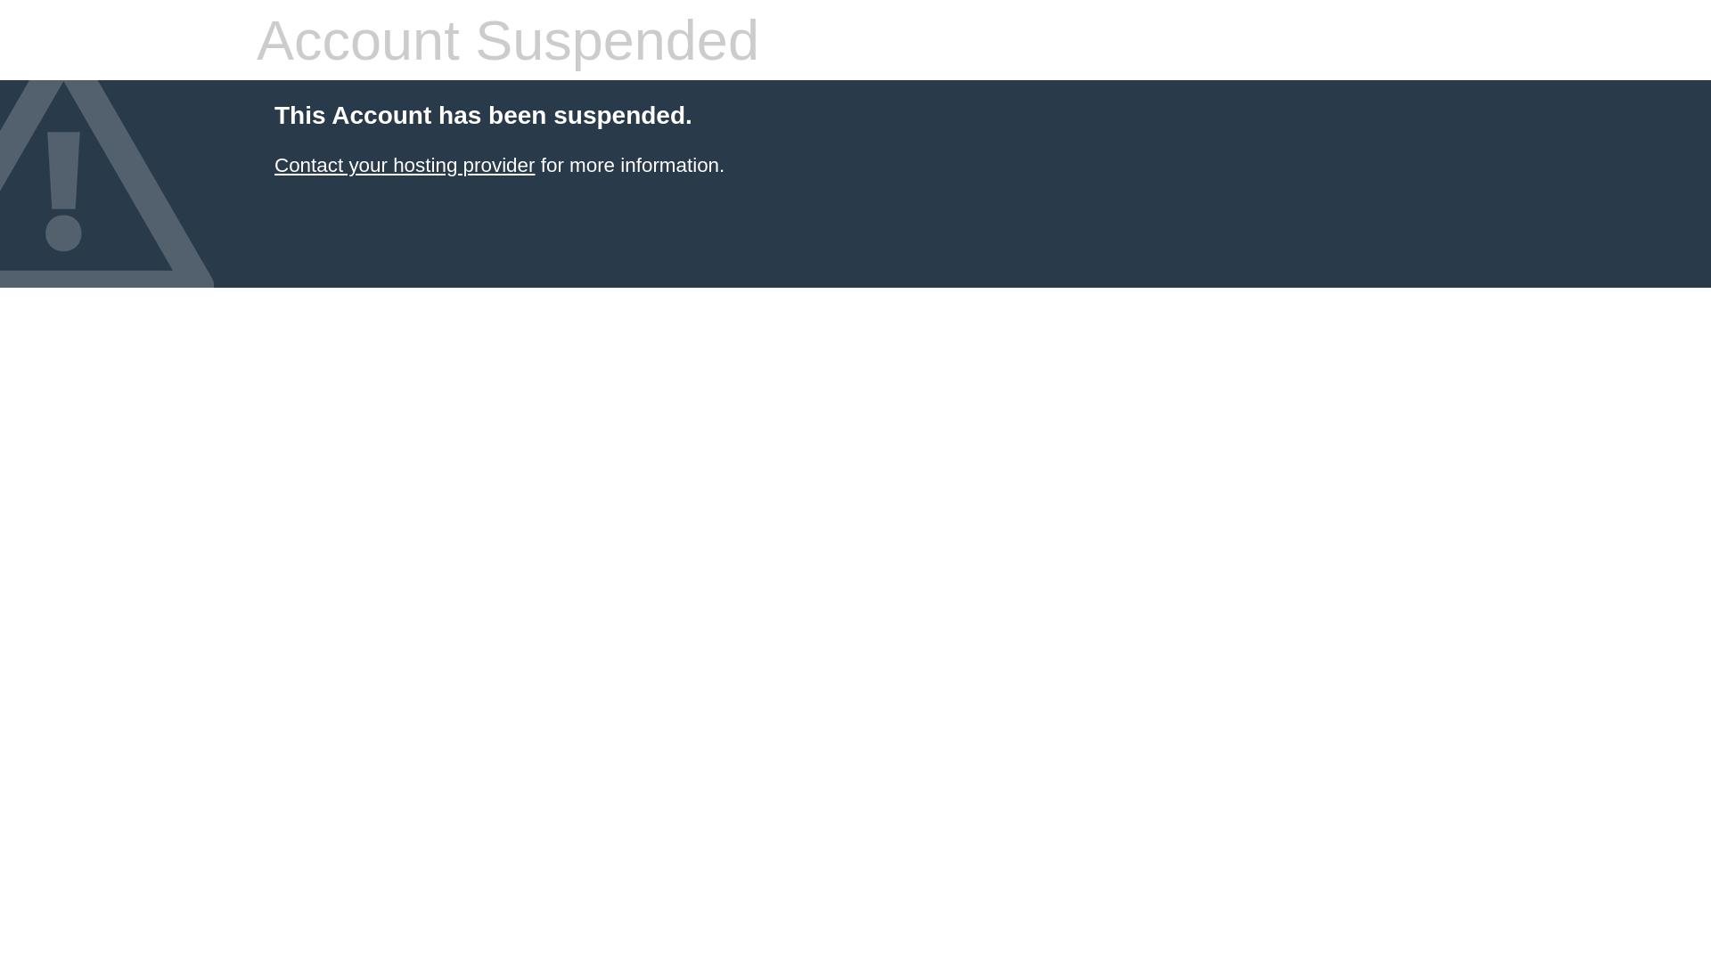 The image size is (1711, 962). Describe the element at coordinates (404, 165) in the screenshot. I see `'Contact your hosting provider'` at that location.